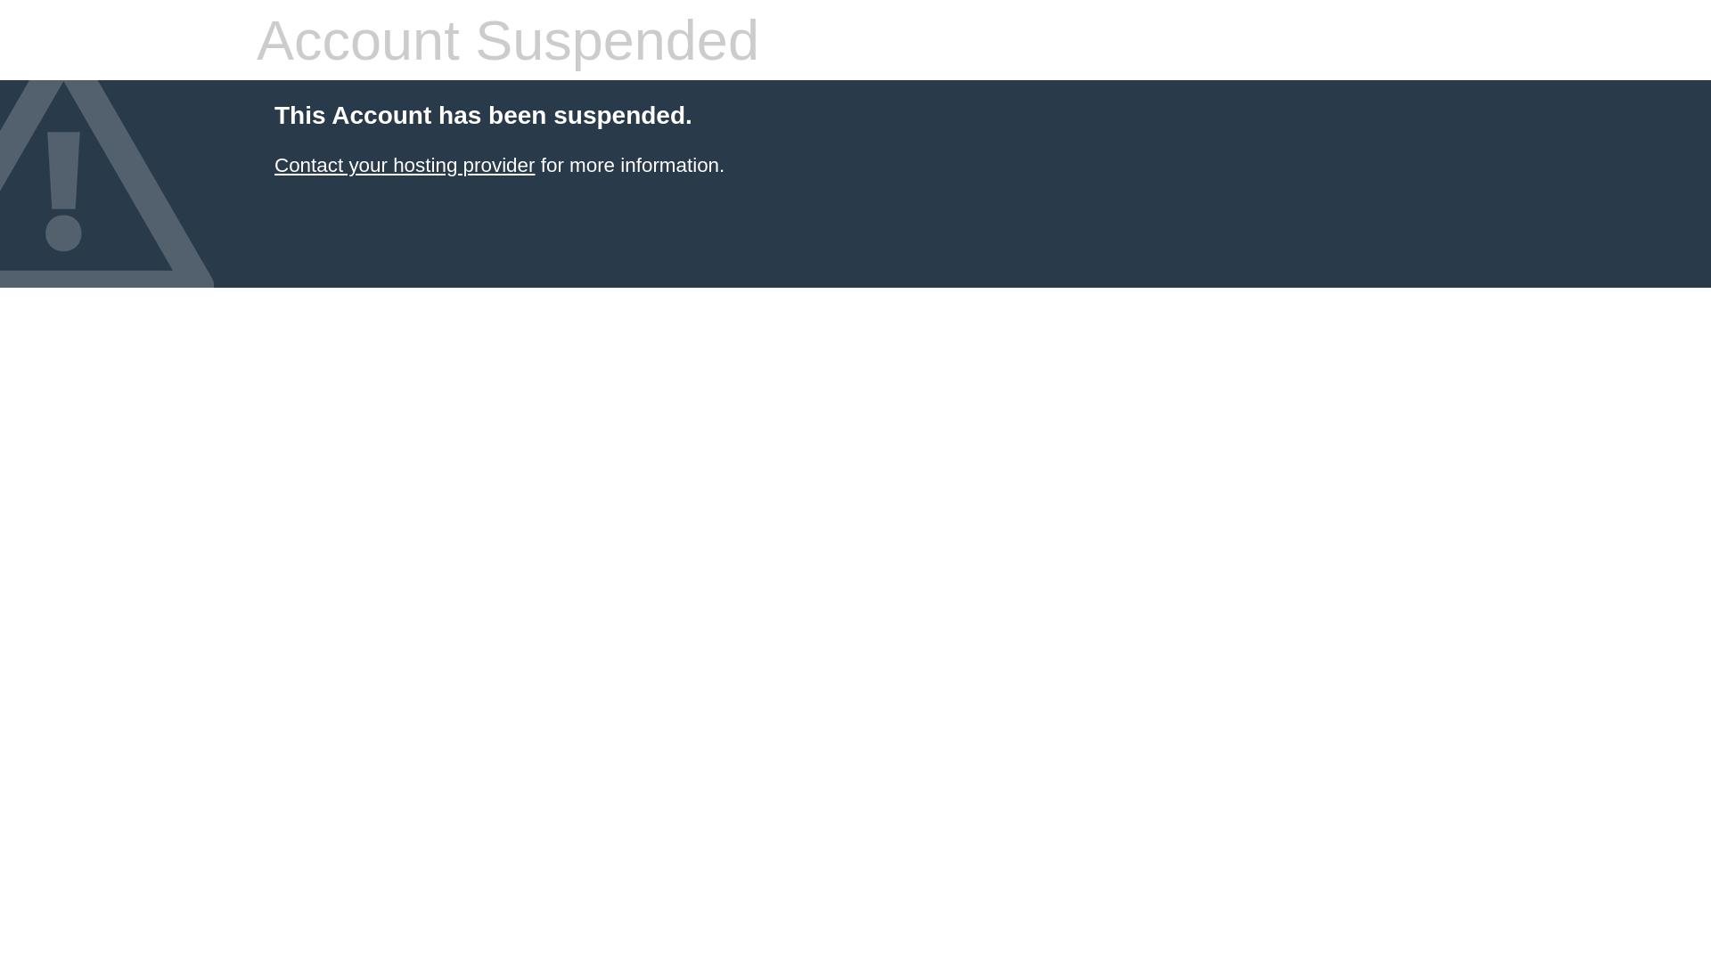 The image size is (1711, 962). Describe the element at coordinates (404, 165) in the screenshot. I see `'Contact your hosting provider'` at that location.